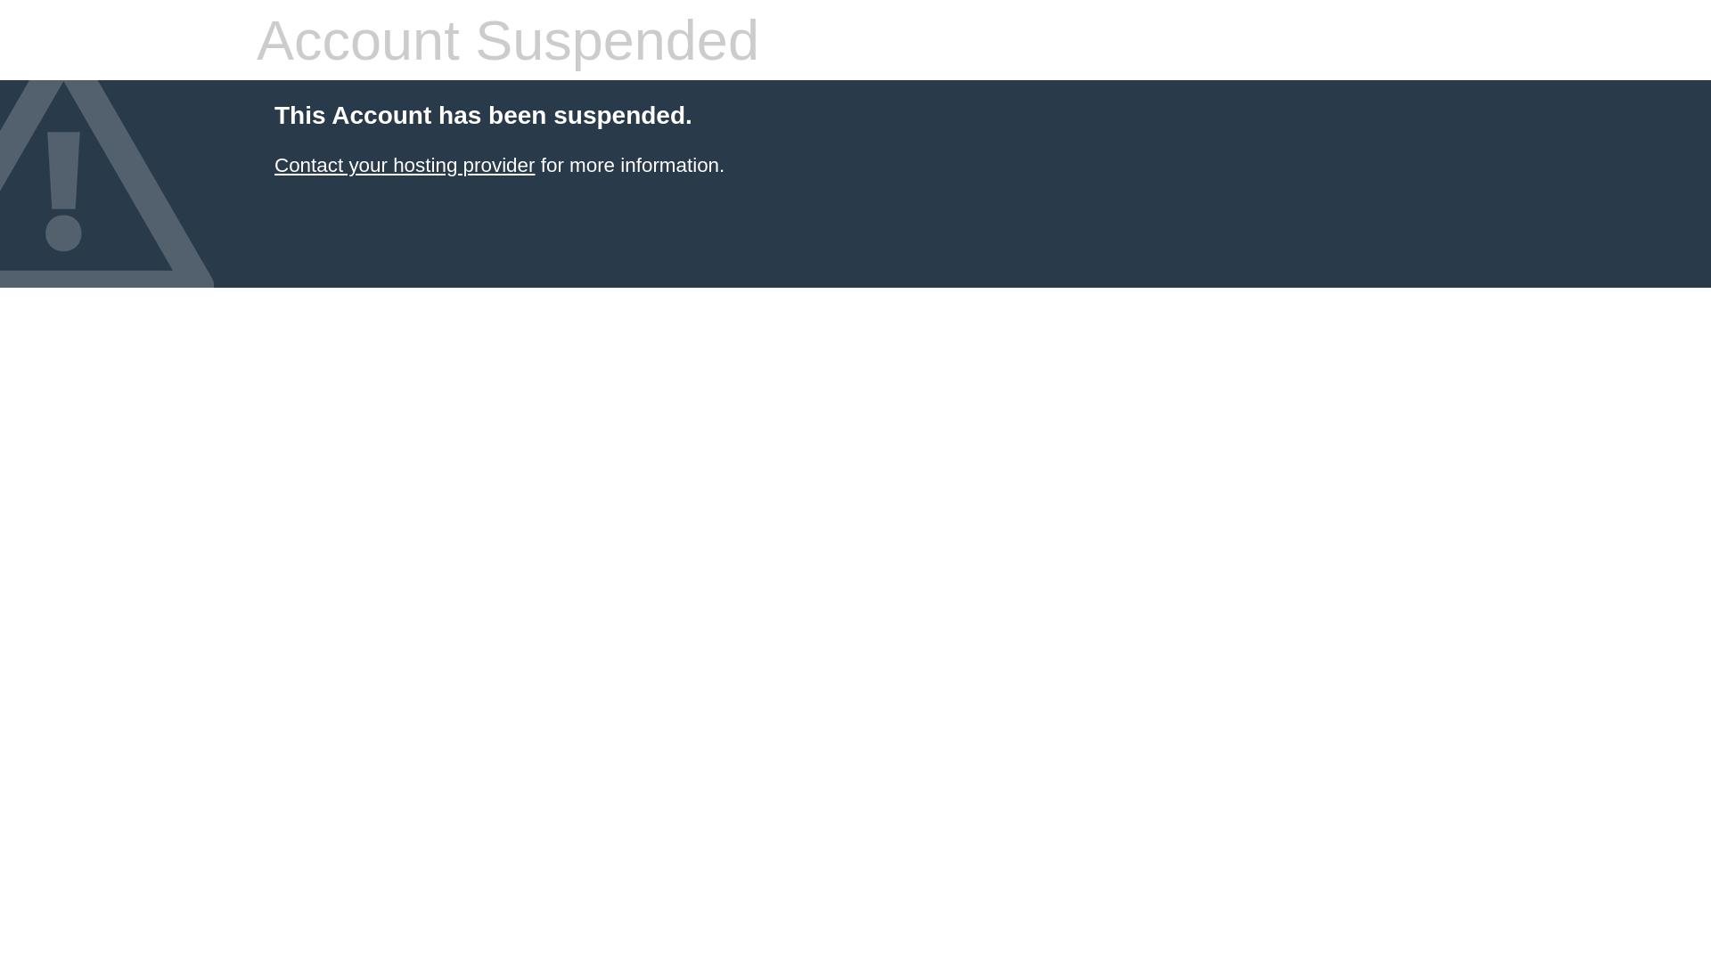 The image size is (1711, 962). Describe the element at coordinates (404, 165) in the screenshot. I see `'Contact your hosting provider'` at that location.